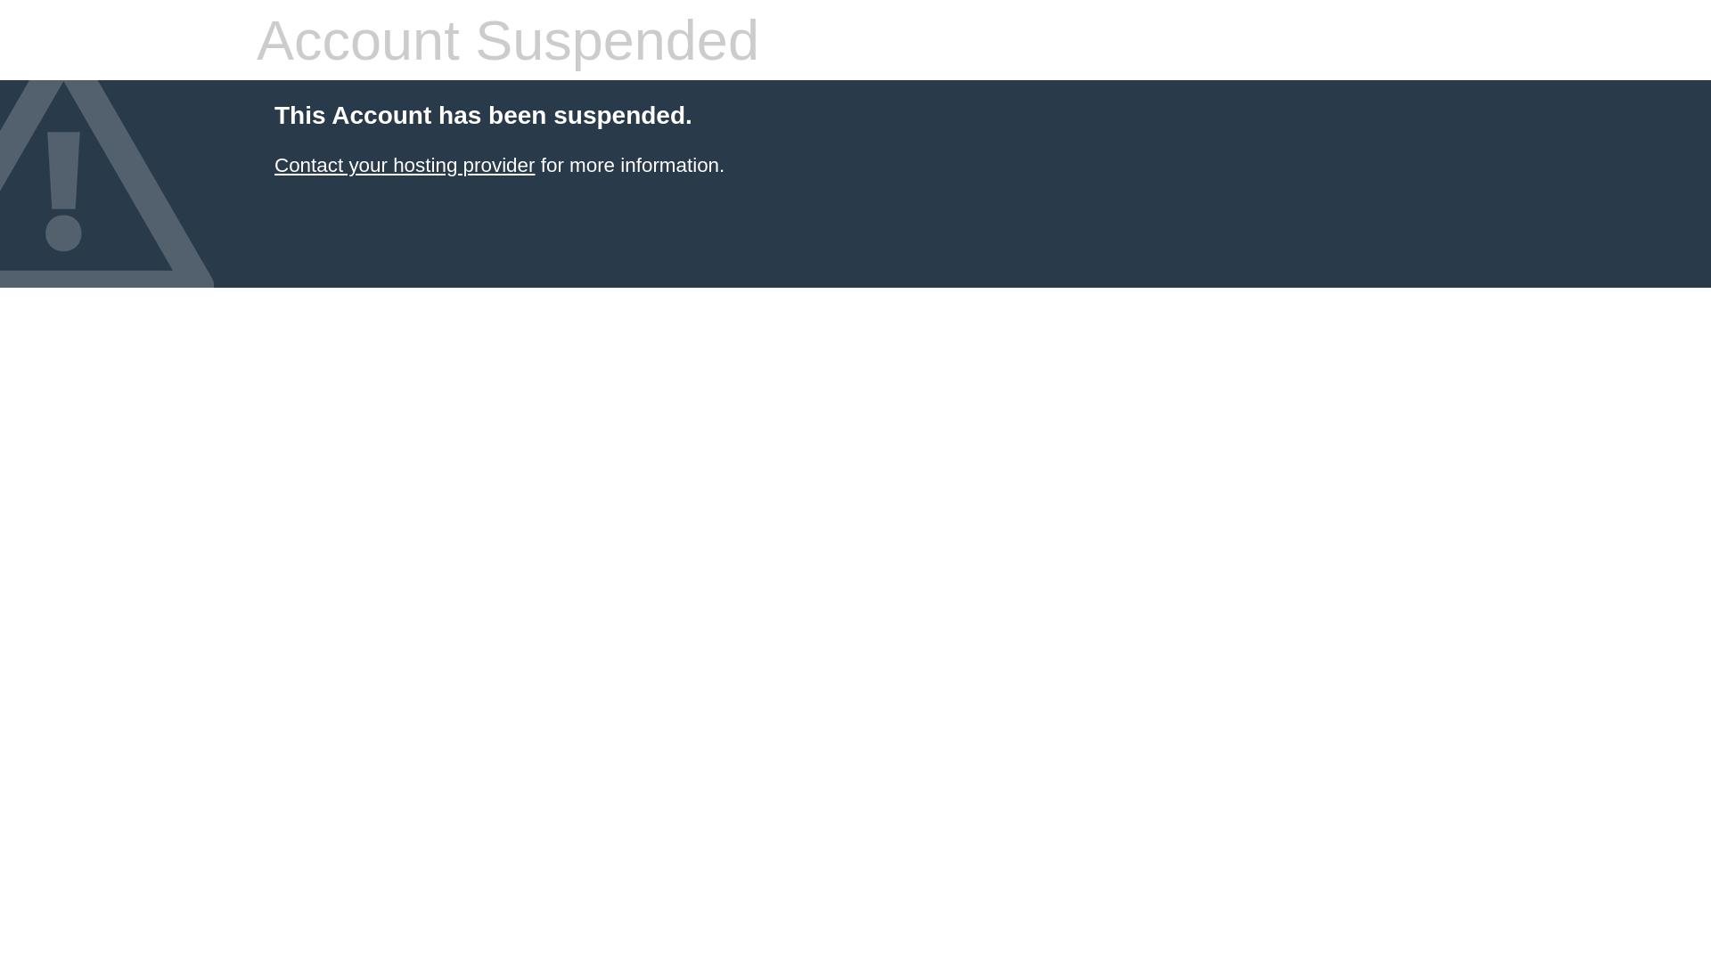 The image size is (1711, 962). Describe the element at coordinates (404, 165) in the screenshot. I see `'Contact your hosting provider'` at that location.